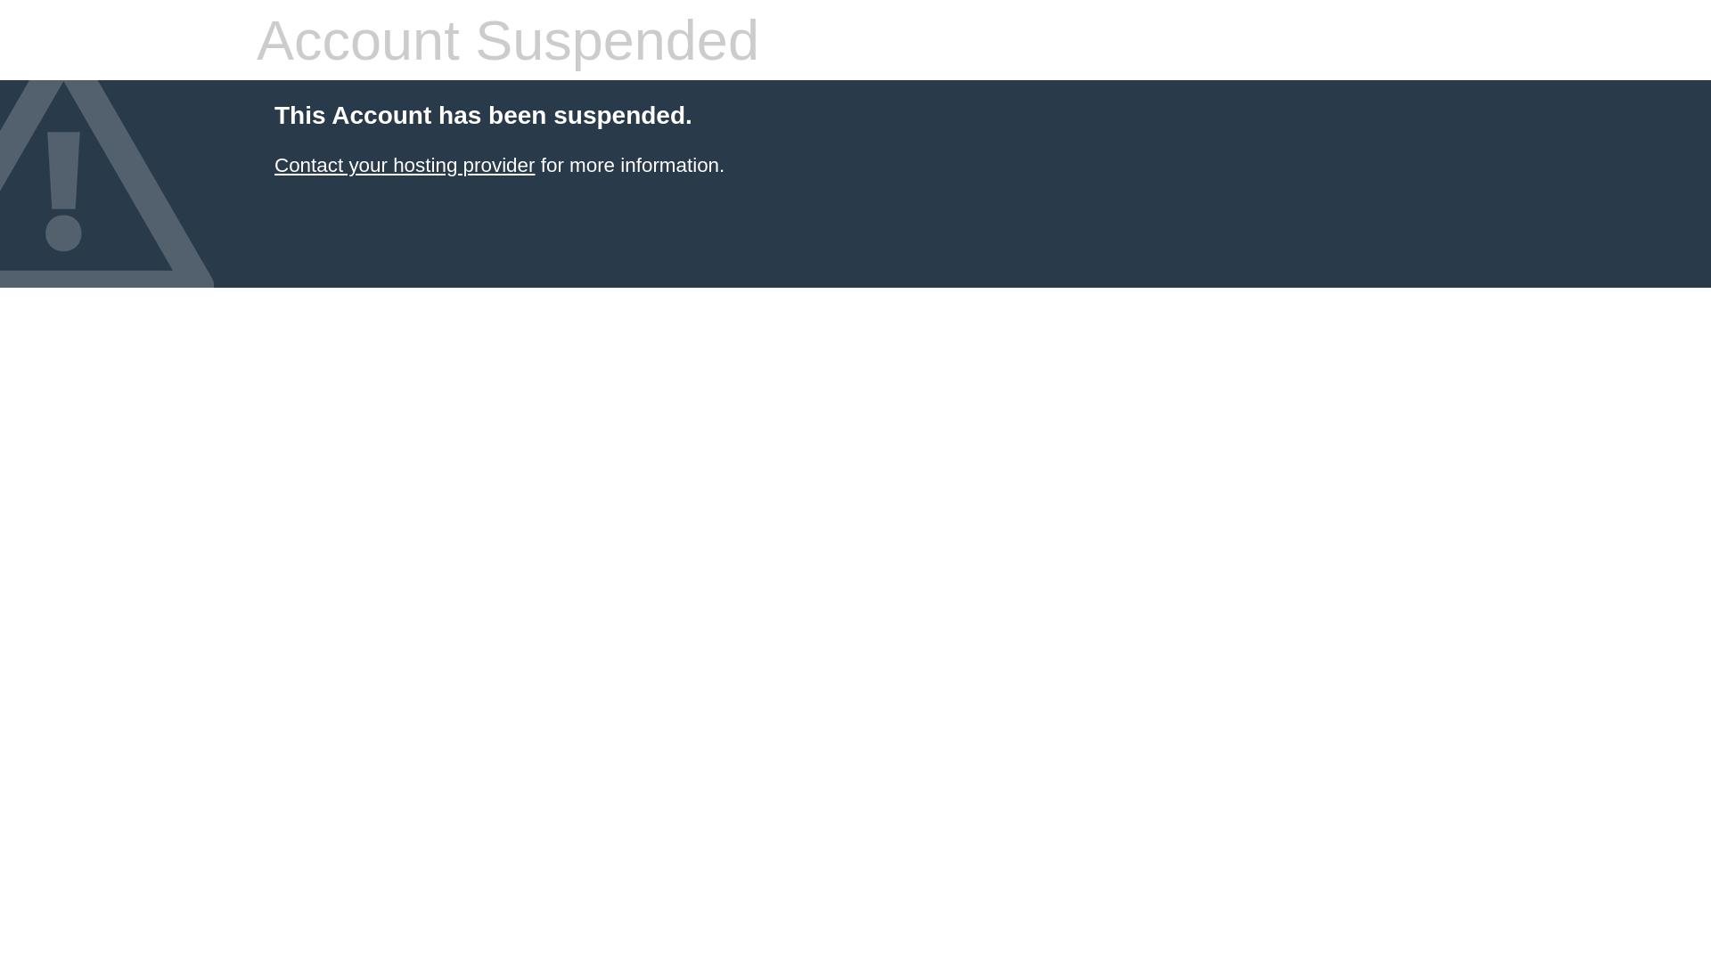 The image size is (1711, 962). Describe the element at coordinates (404, 165) in the screenshot. I see `'Contact your hosting provider'` at that location.